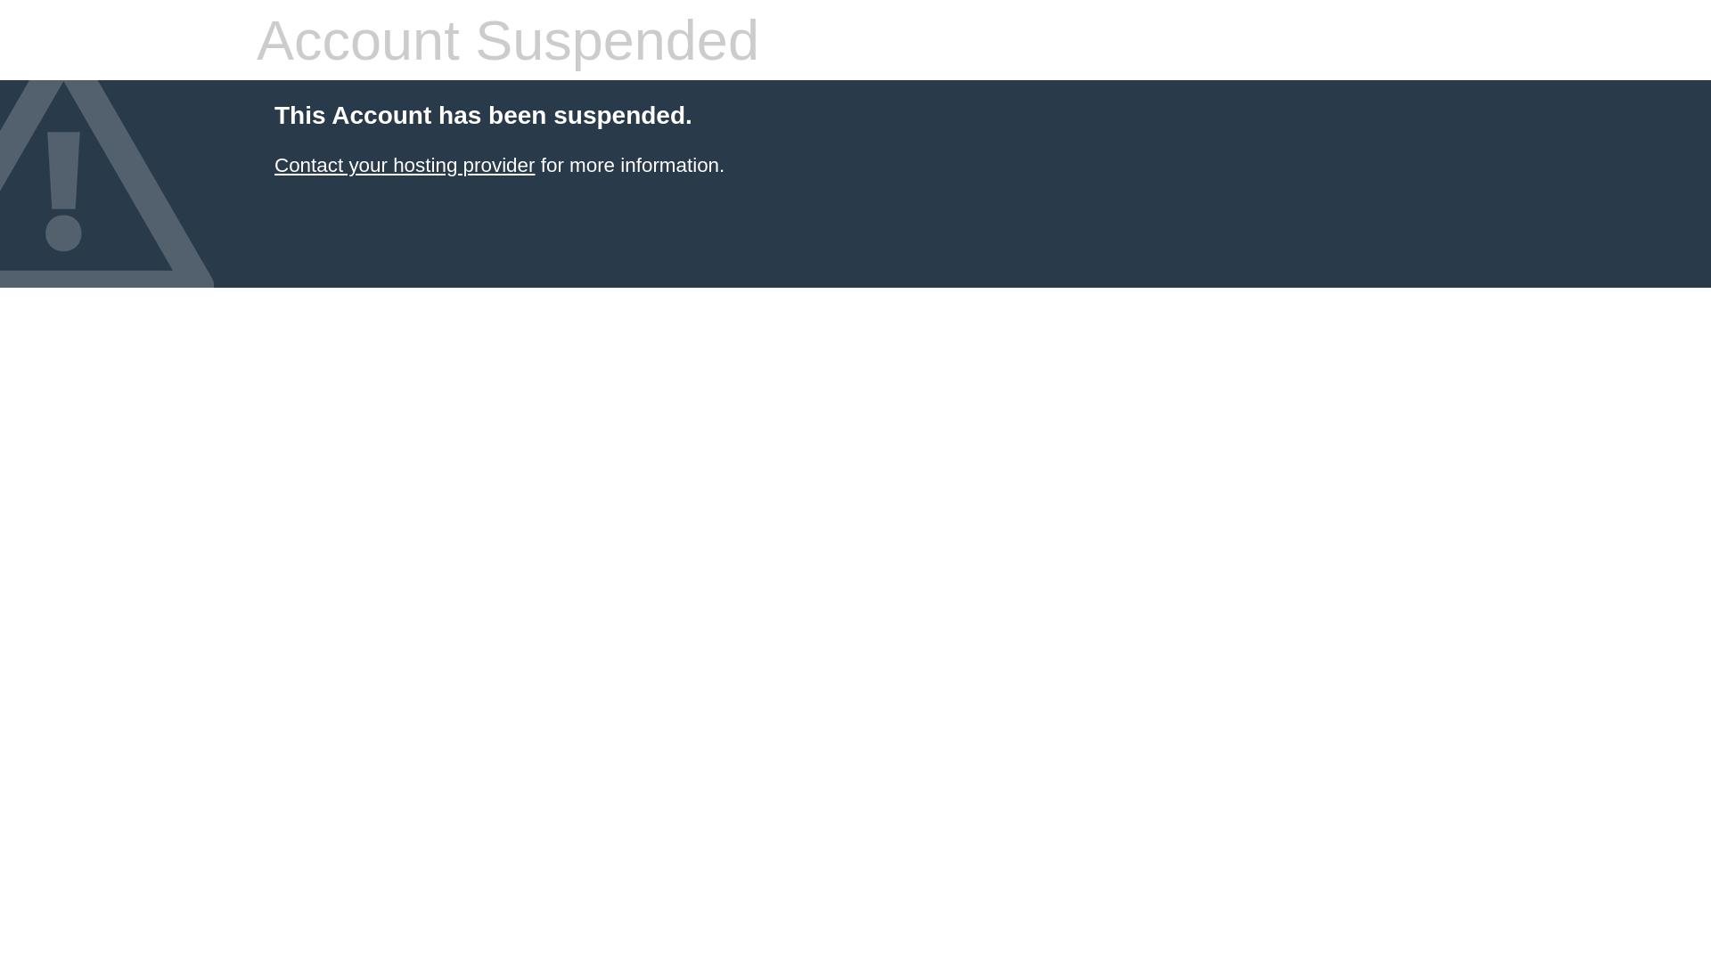 The image size is (1711, 962). Describe the element at coordinates (404, 165) in the screenshot. I see `'Contact your hosting provider'` at that location.